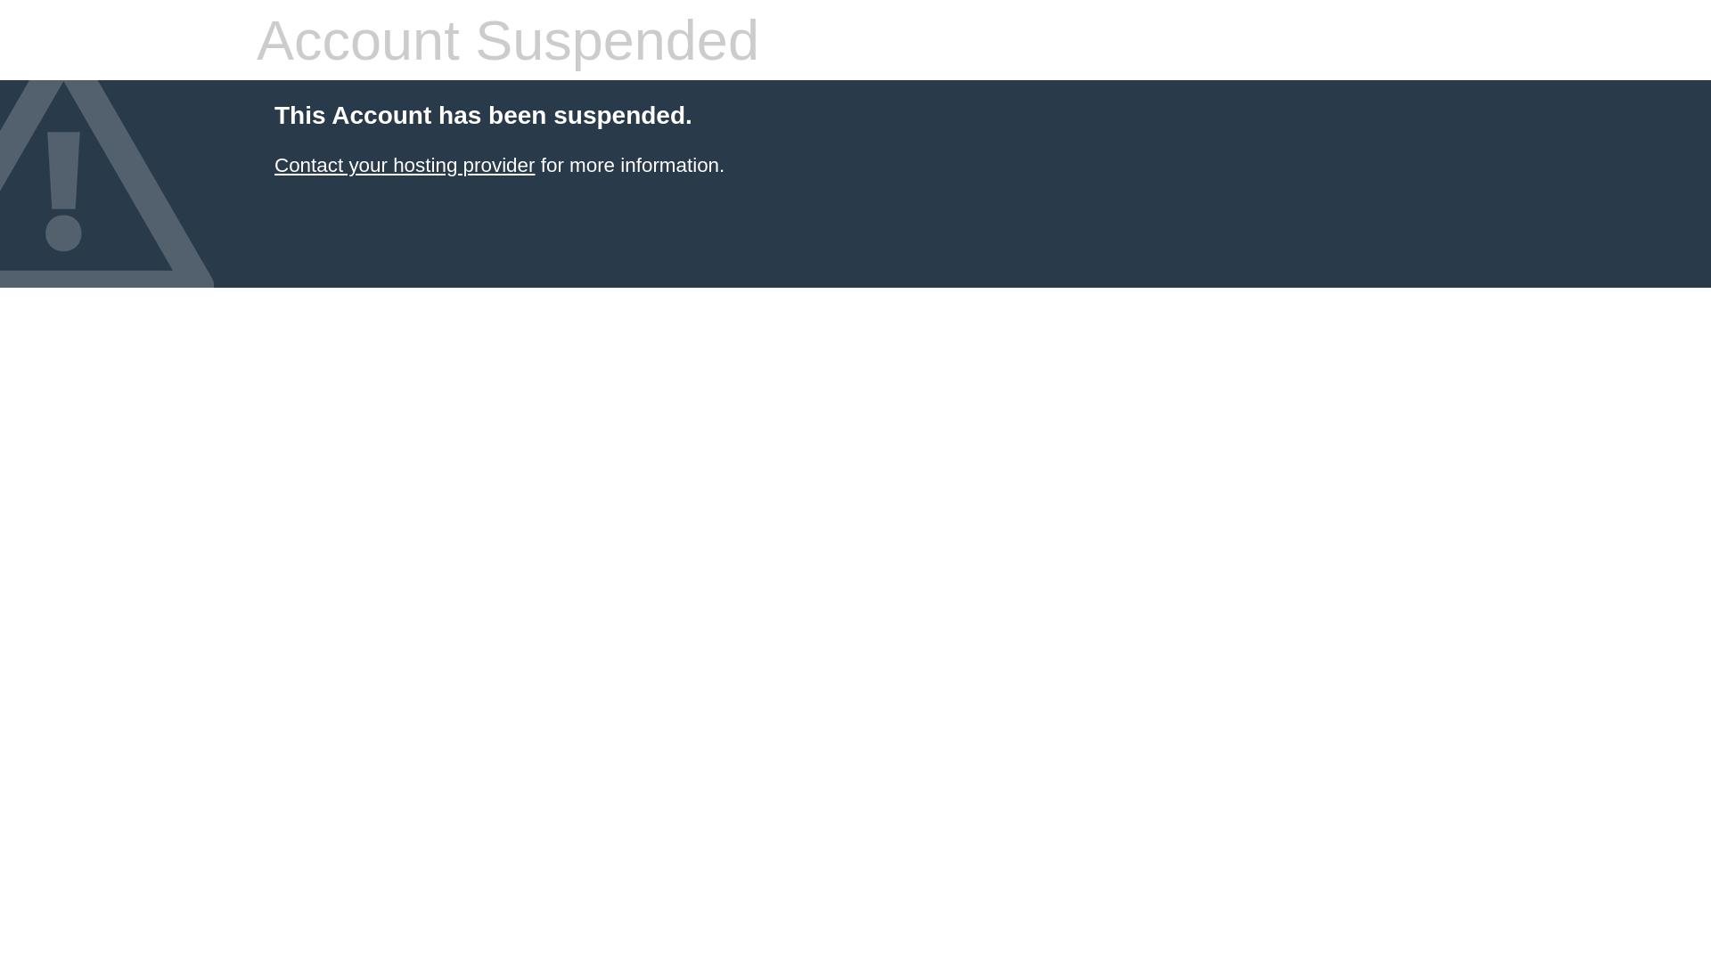 The image size is (1711, 962). Describe the element at coordinates (404, 165) in the screenshot. I see `'Contact your hosting provider'` at that location.